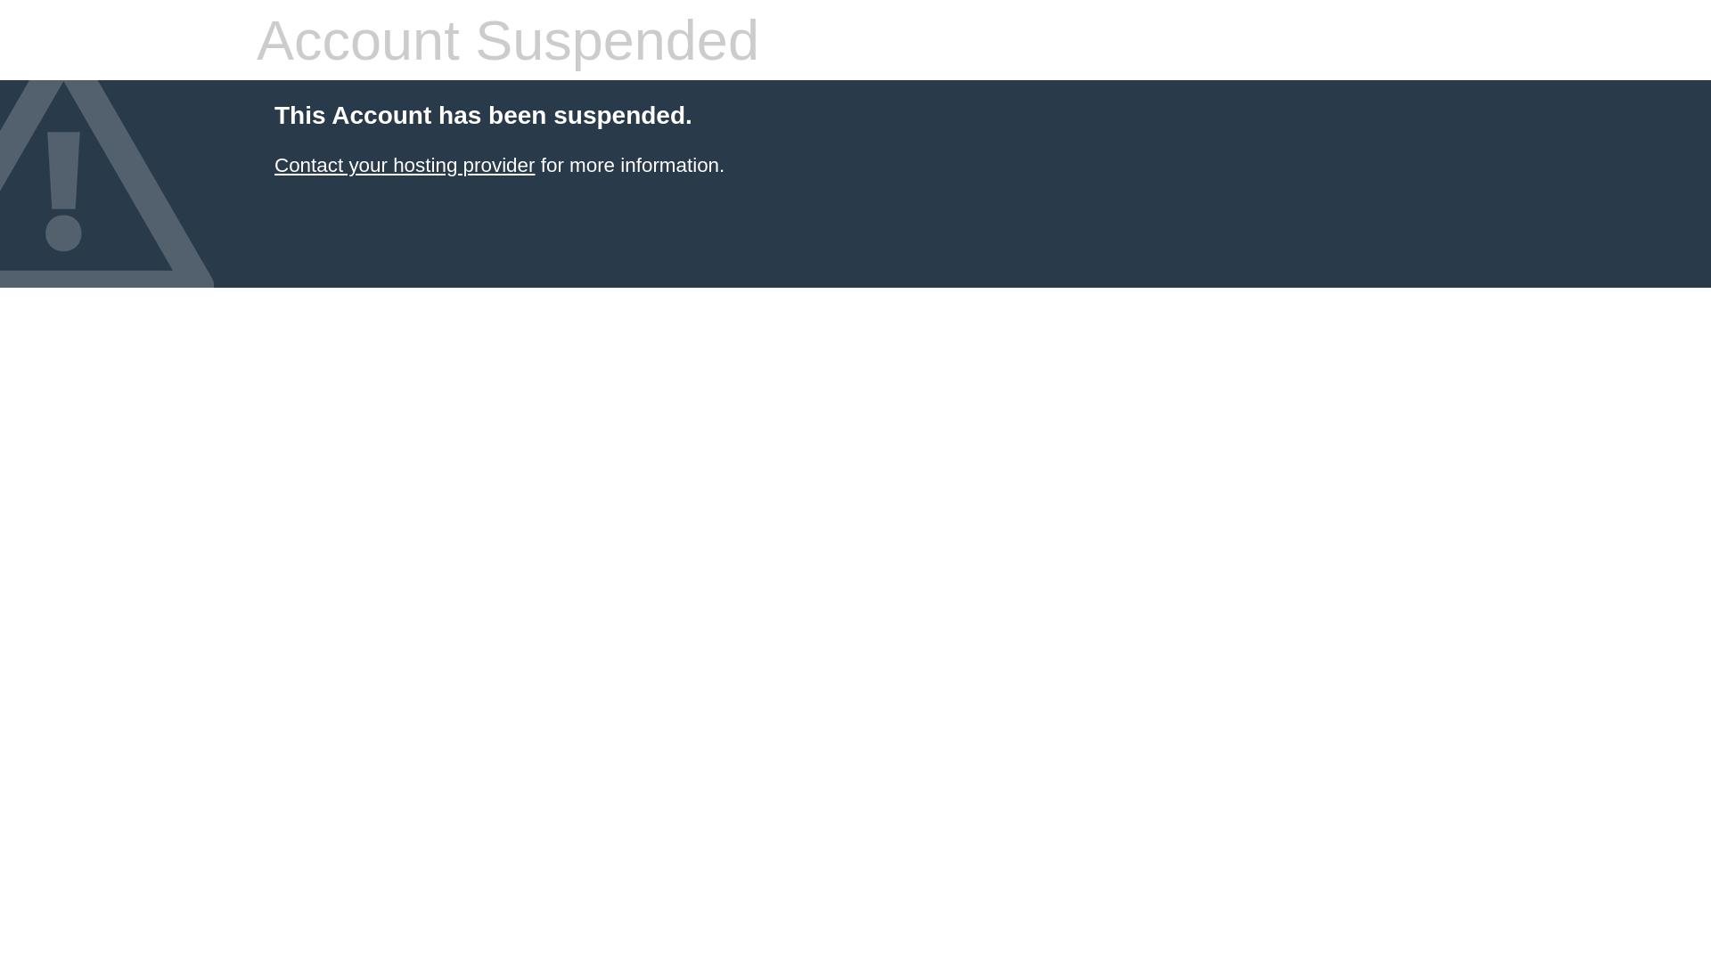 The image size is (1711, 962). Describe the element at coordinates (404, 165) in the screenshot. I see `'Contact your hosting provider'` at that location.